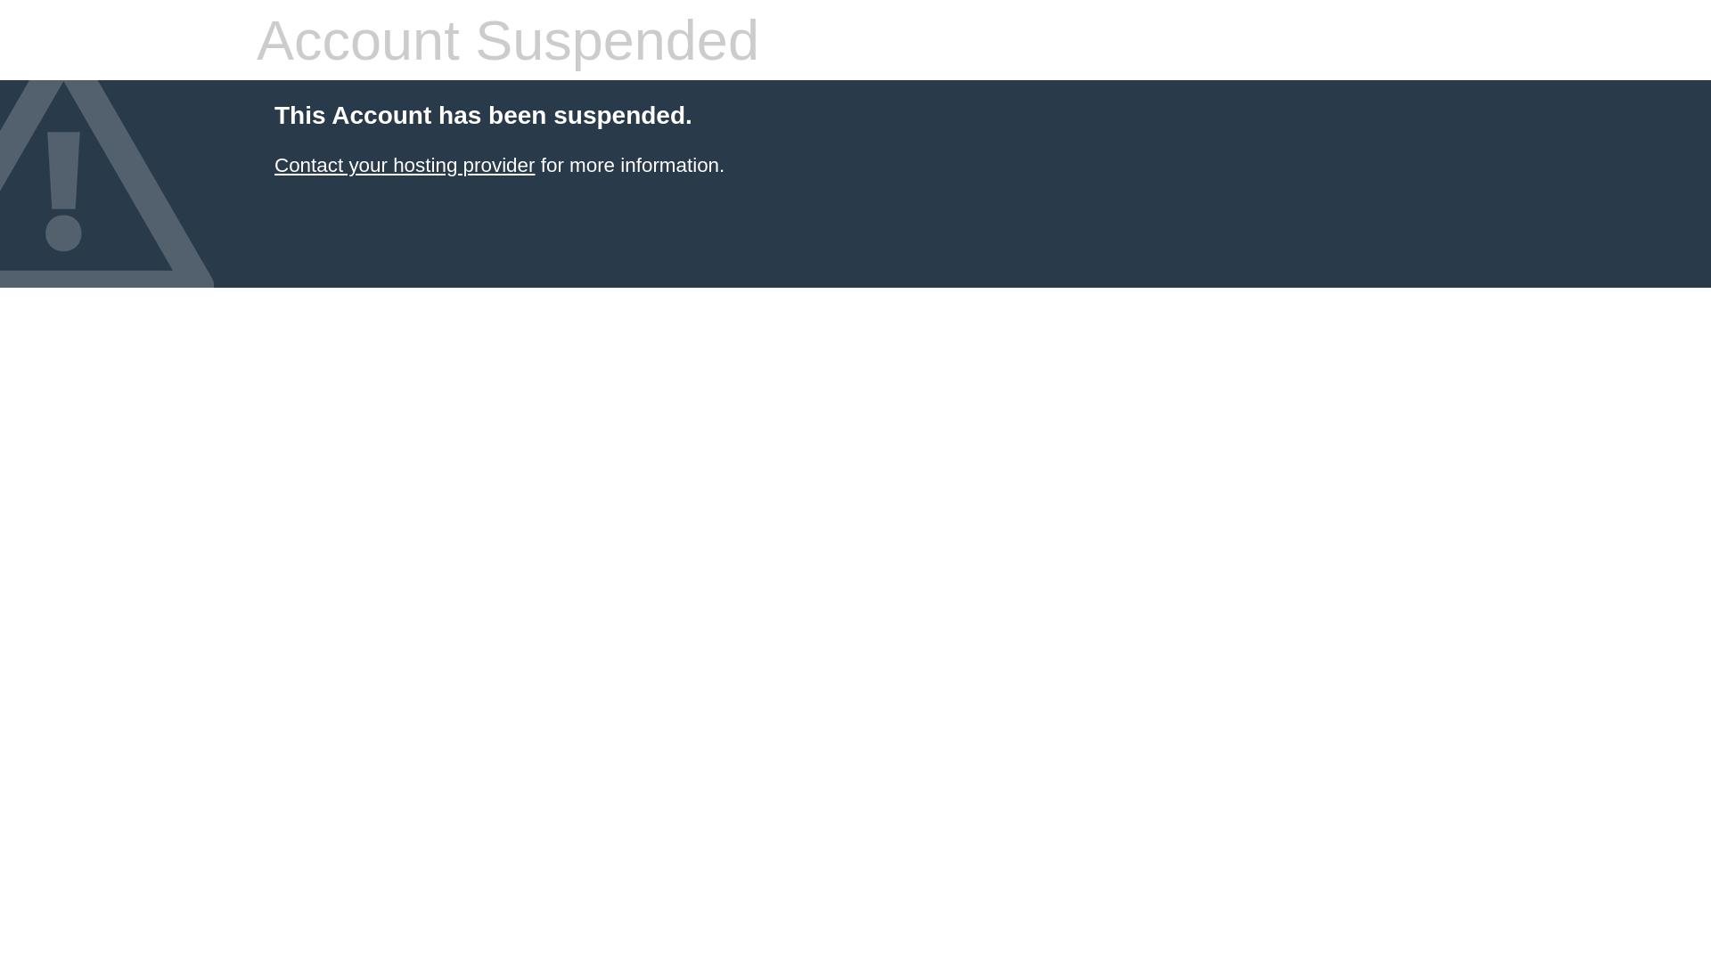 The image size is (1711, 962). Describe the element at coordinates (404, 165) in the screenshot. I see `'Contact your hosting provider'` at that location.